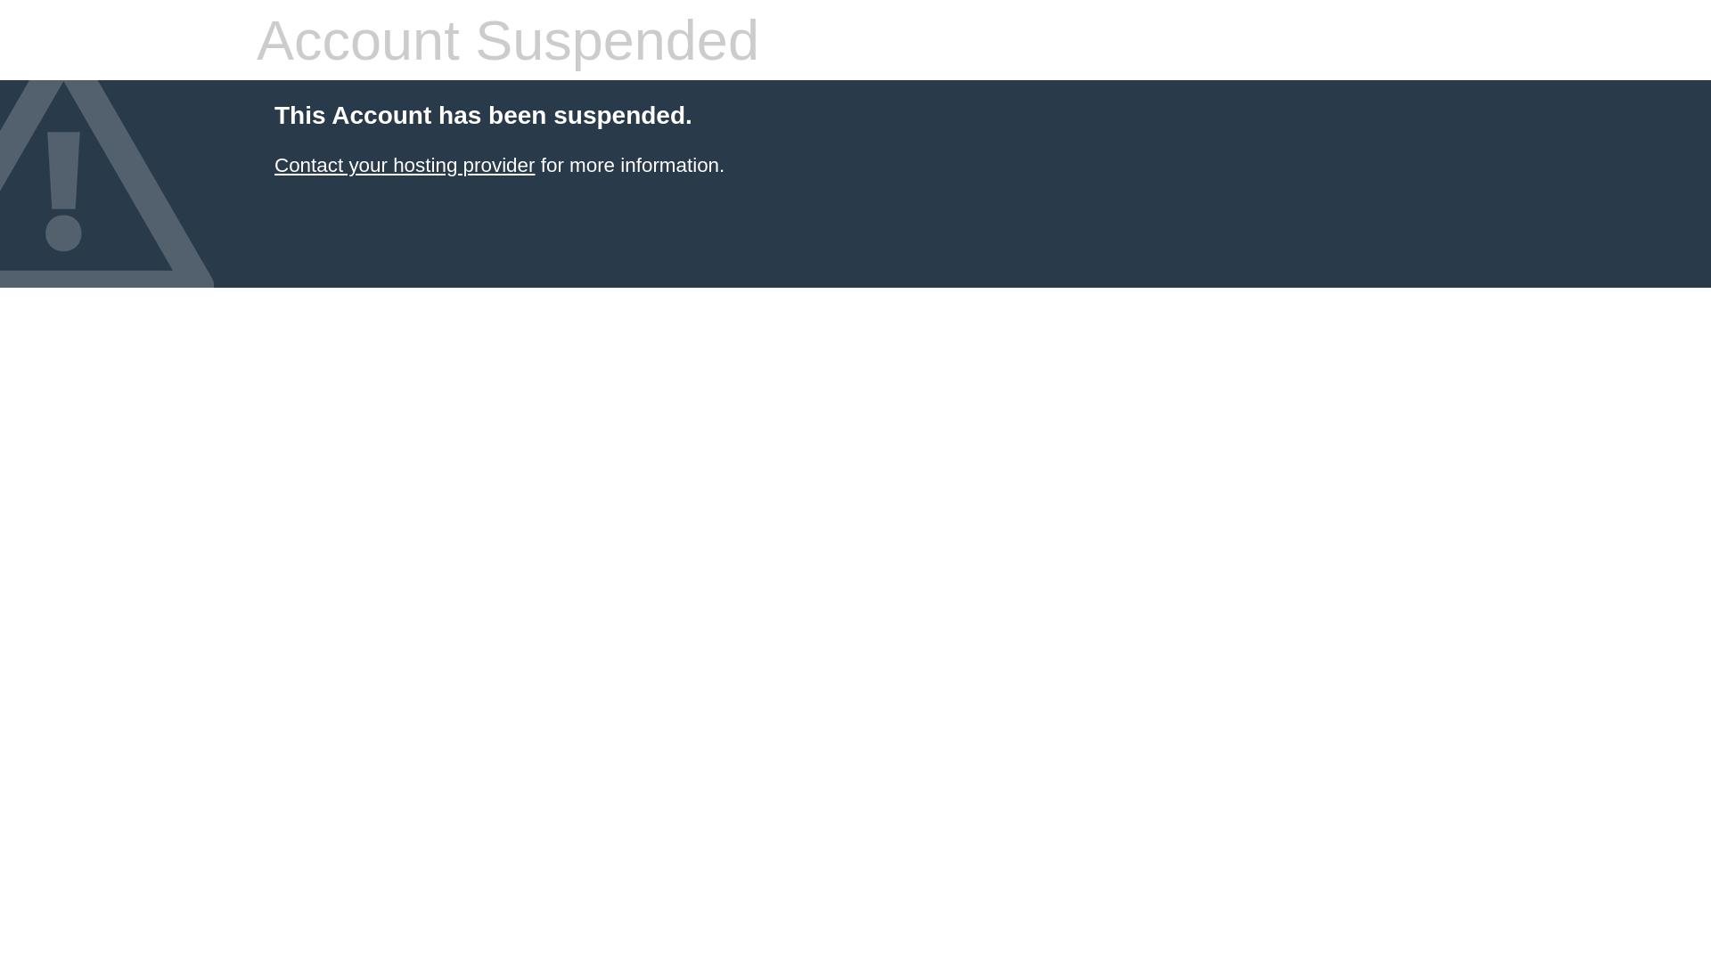 The image size is (1711, 962). Describe the element at coordinates (404, 165) in the screenshot. I see `'Contact your hosting provider'` at that location.